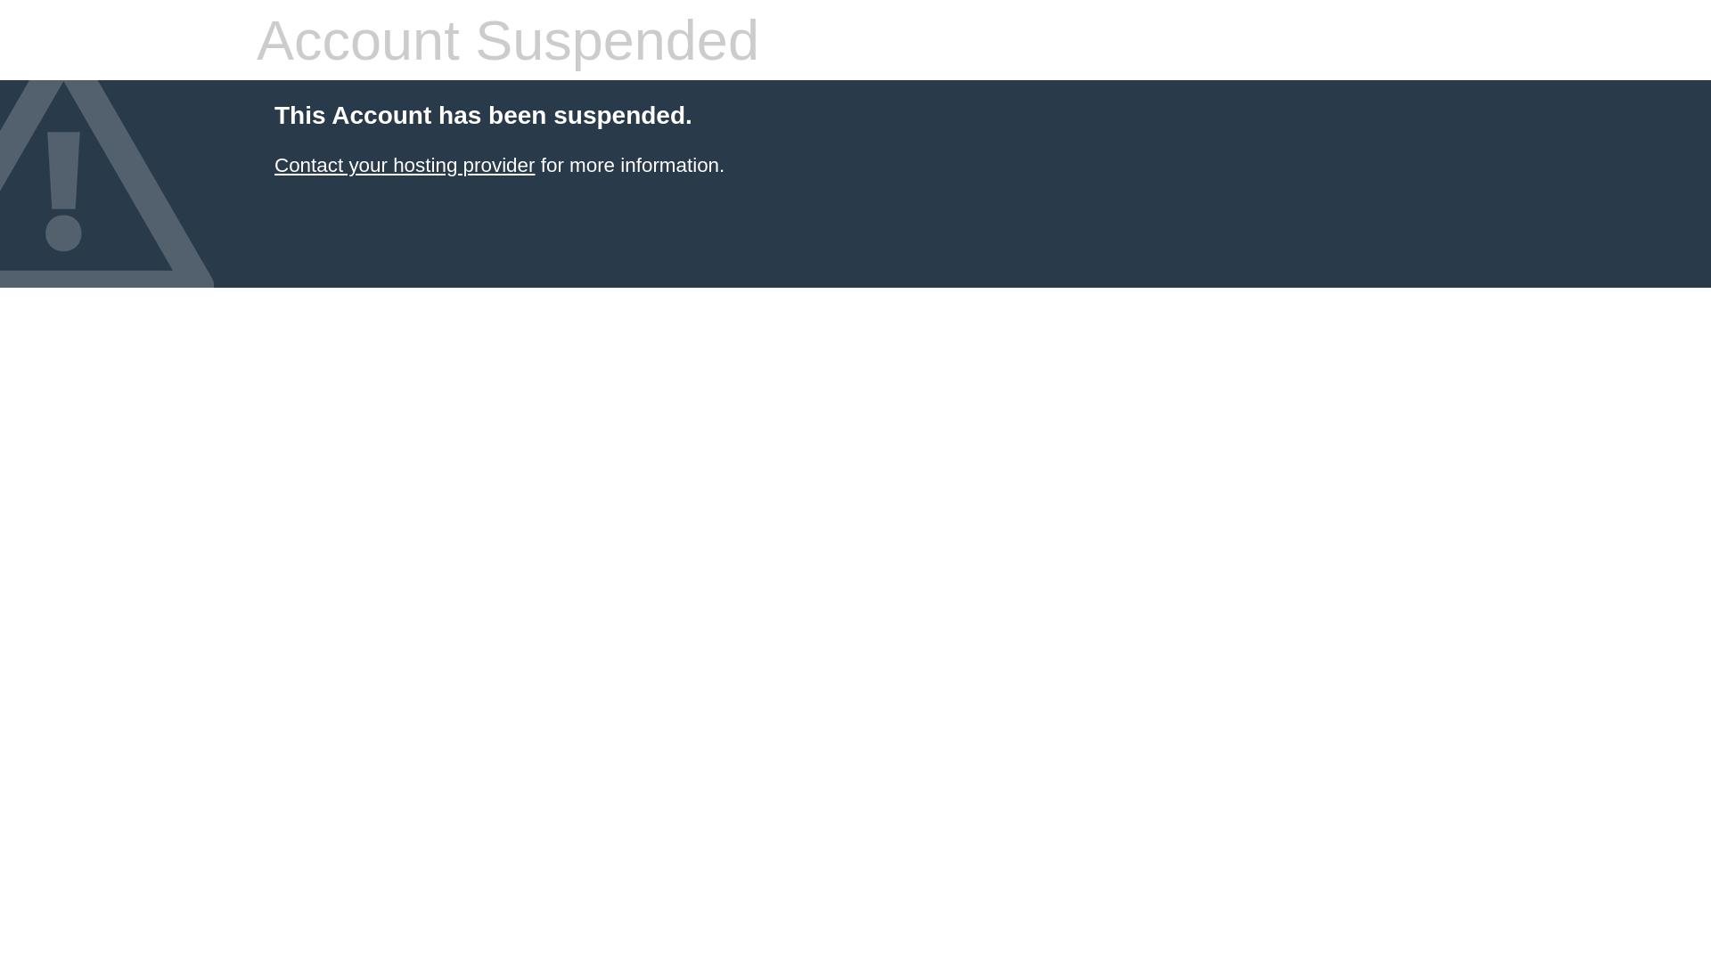 The image size is (1711, 962). Describe the element at coordinates (404, 165) in the screenshot. I see `'Contact your hosting provider'` at that location.